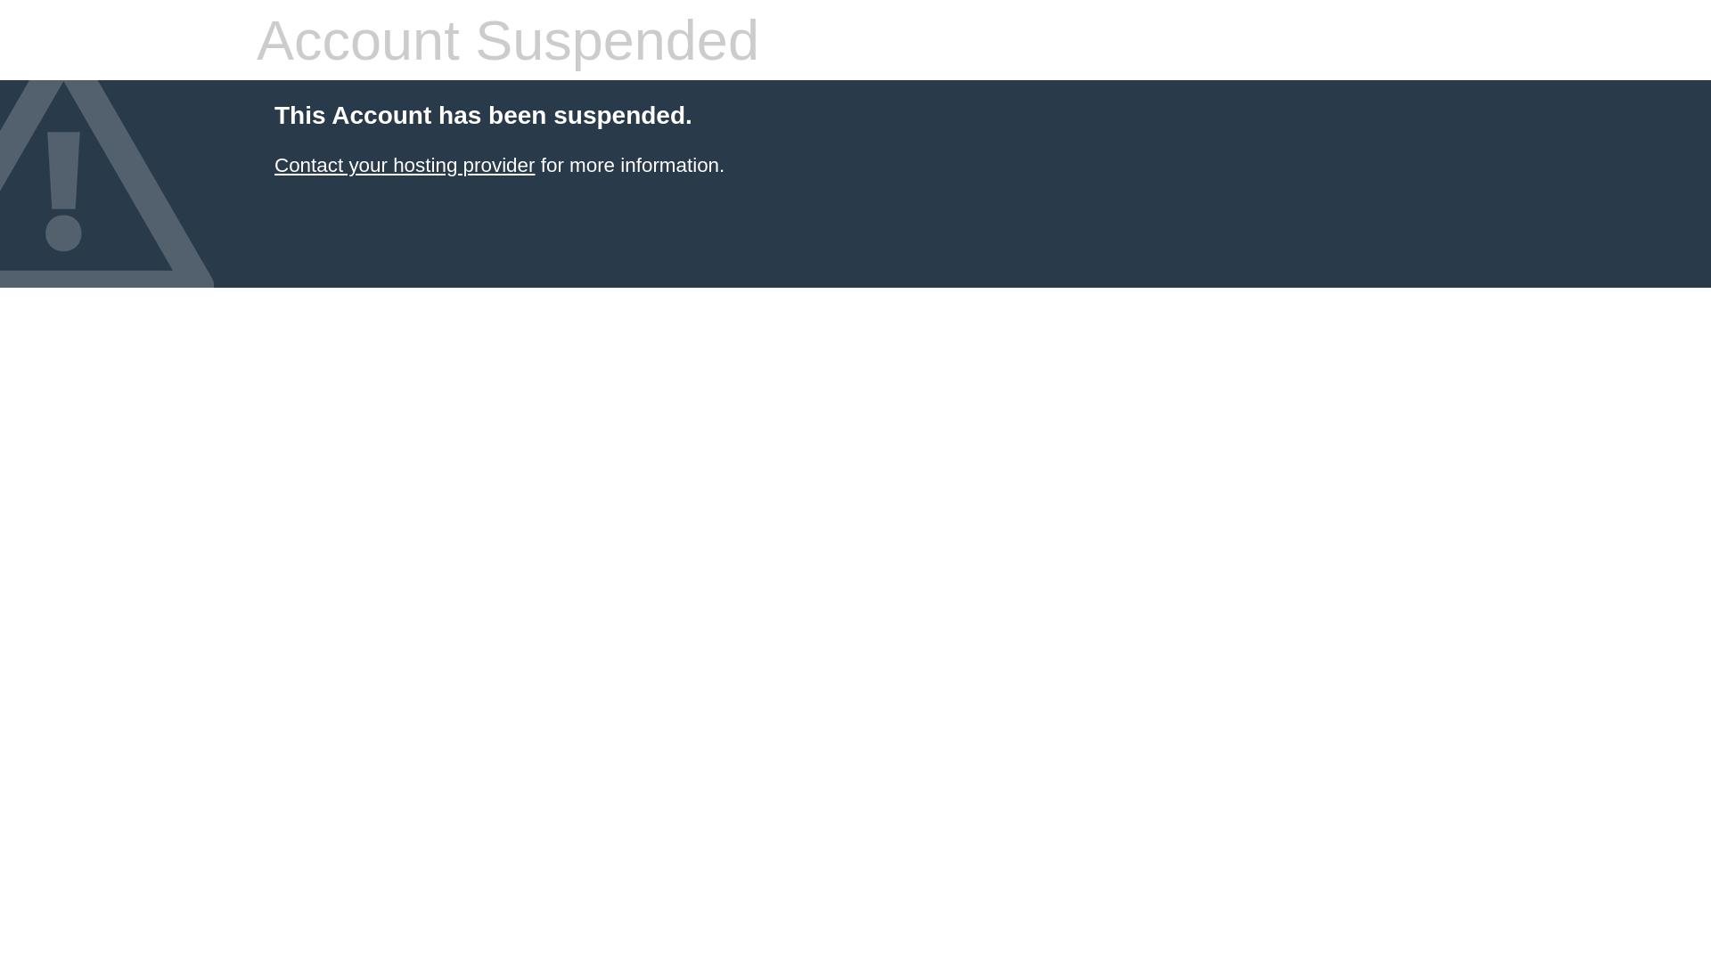 The image size is (1711, 962). Describe the element at coordinates (404, 165) in the screenshot. I see `'Contact your hosting provider'` at that location.